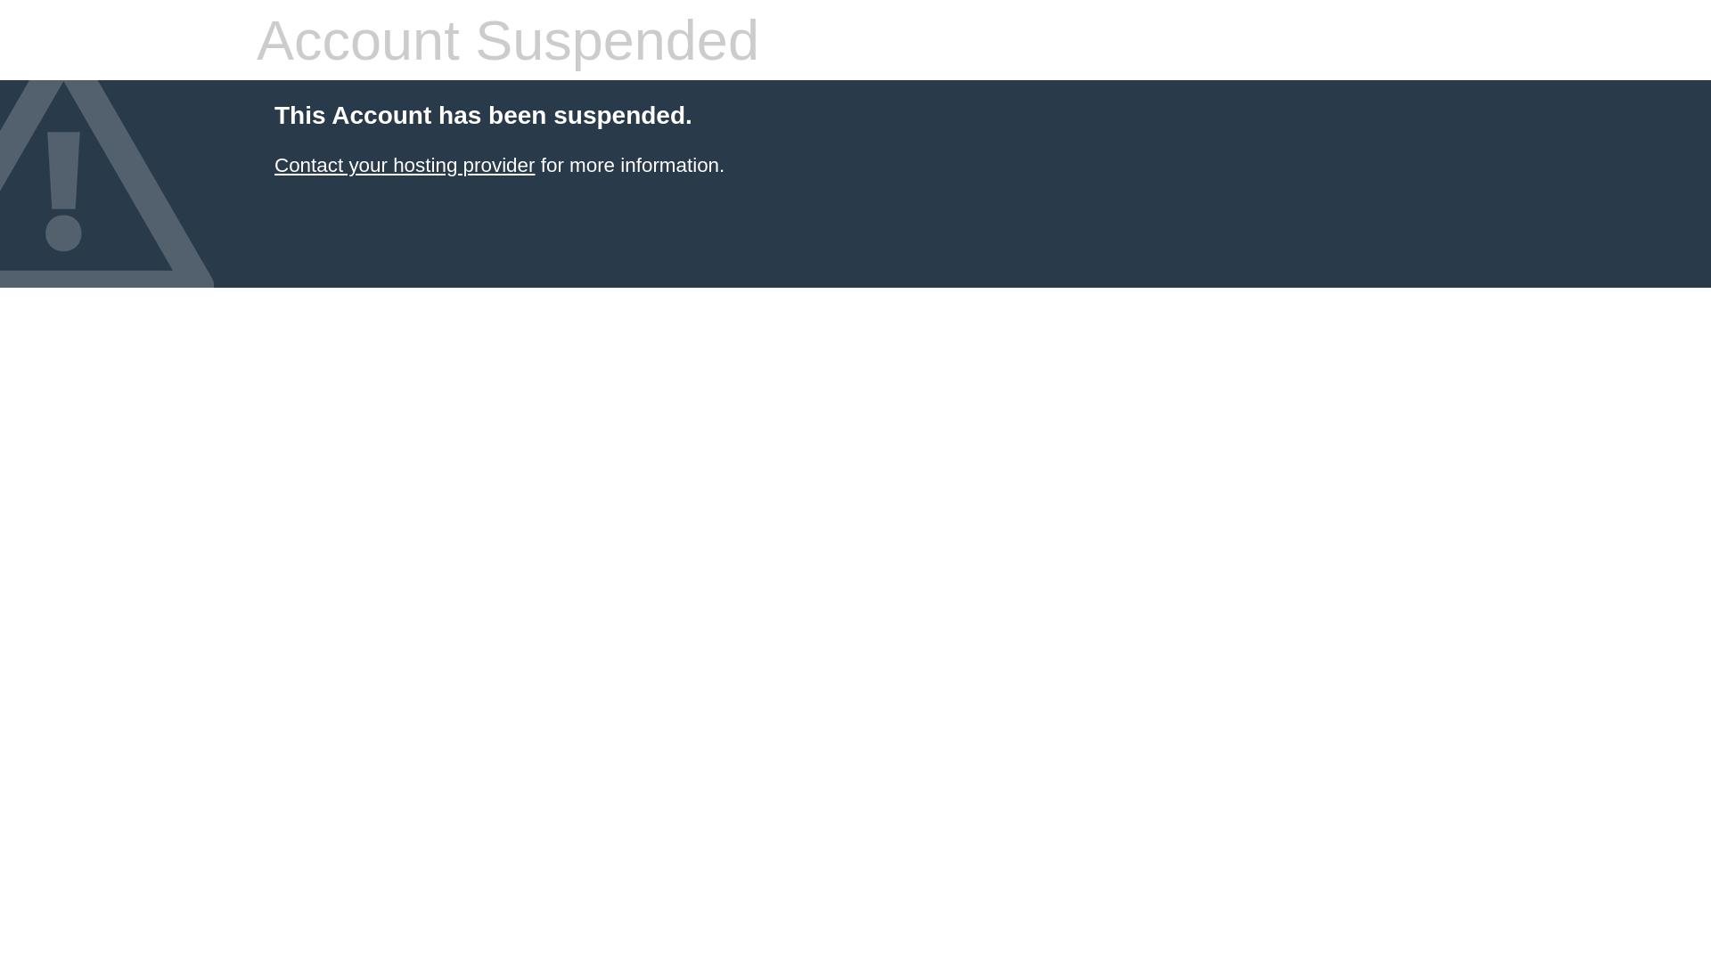 The image size is (1711, 962). Describe the element at coordinates (404, 165) in the screenshot. I see `'Contact your hosting provider'` at that location.